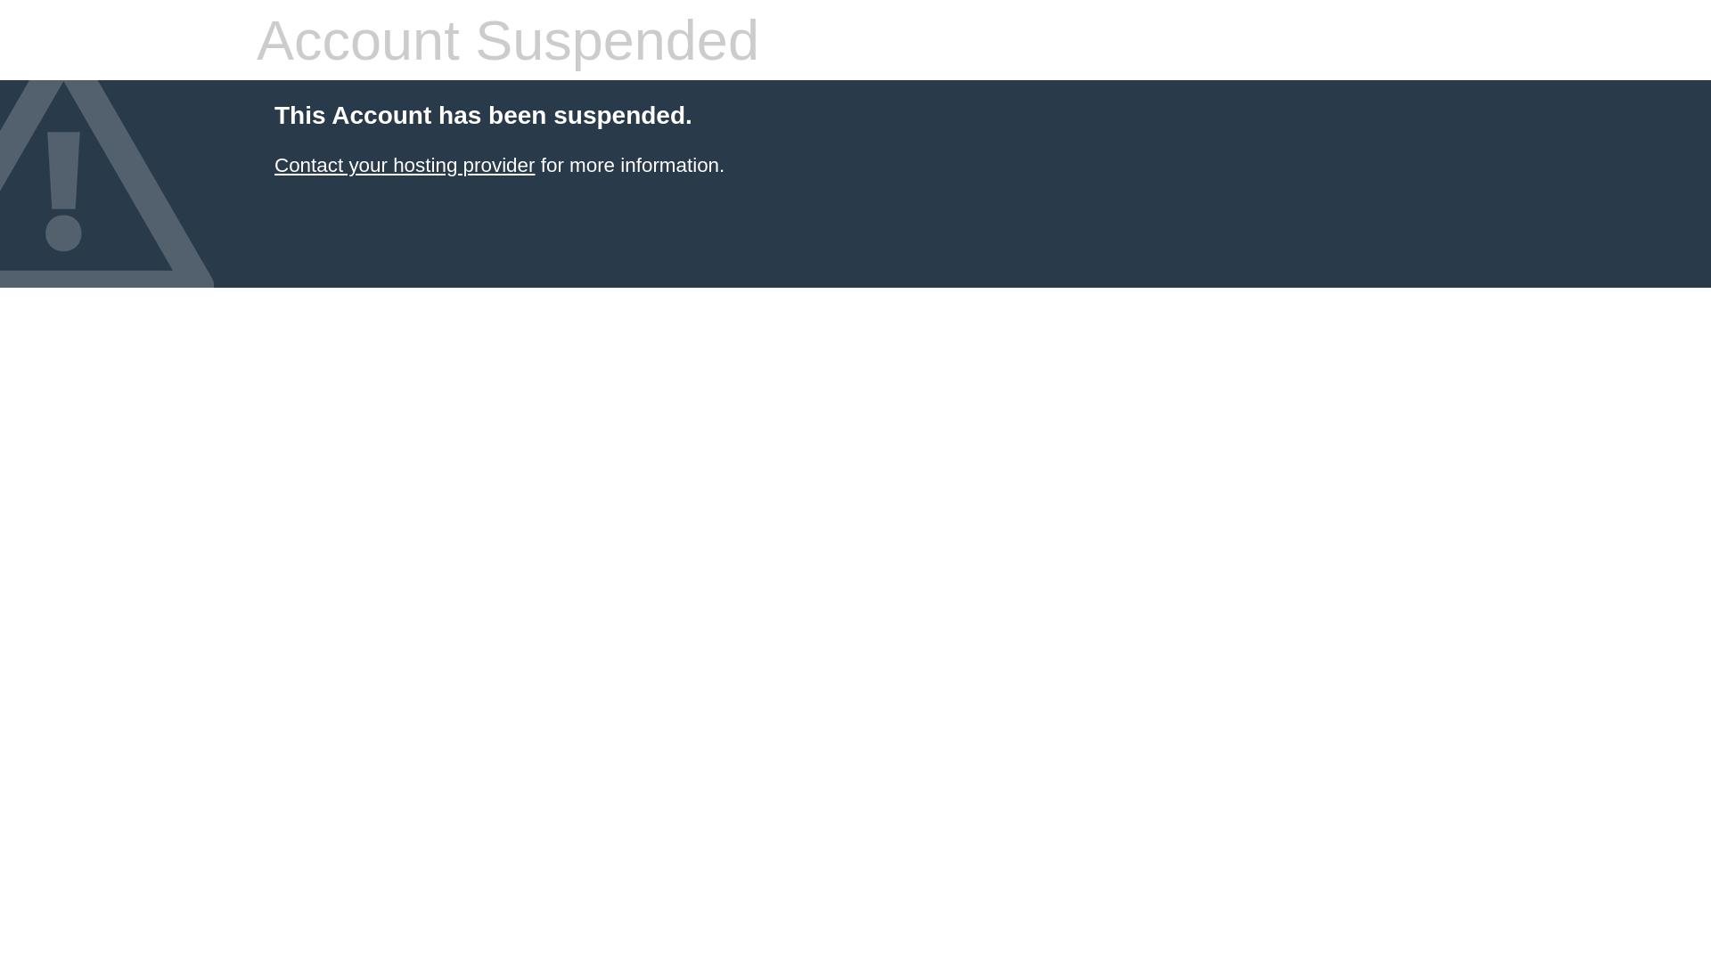 The image size is (1711, 962). Describe the element at coordinates (404, 165) in the screenshot. I see `'Contact your hosting provider'` at that location.